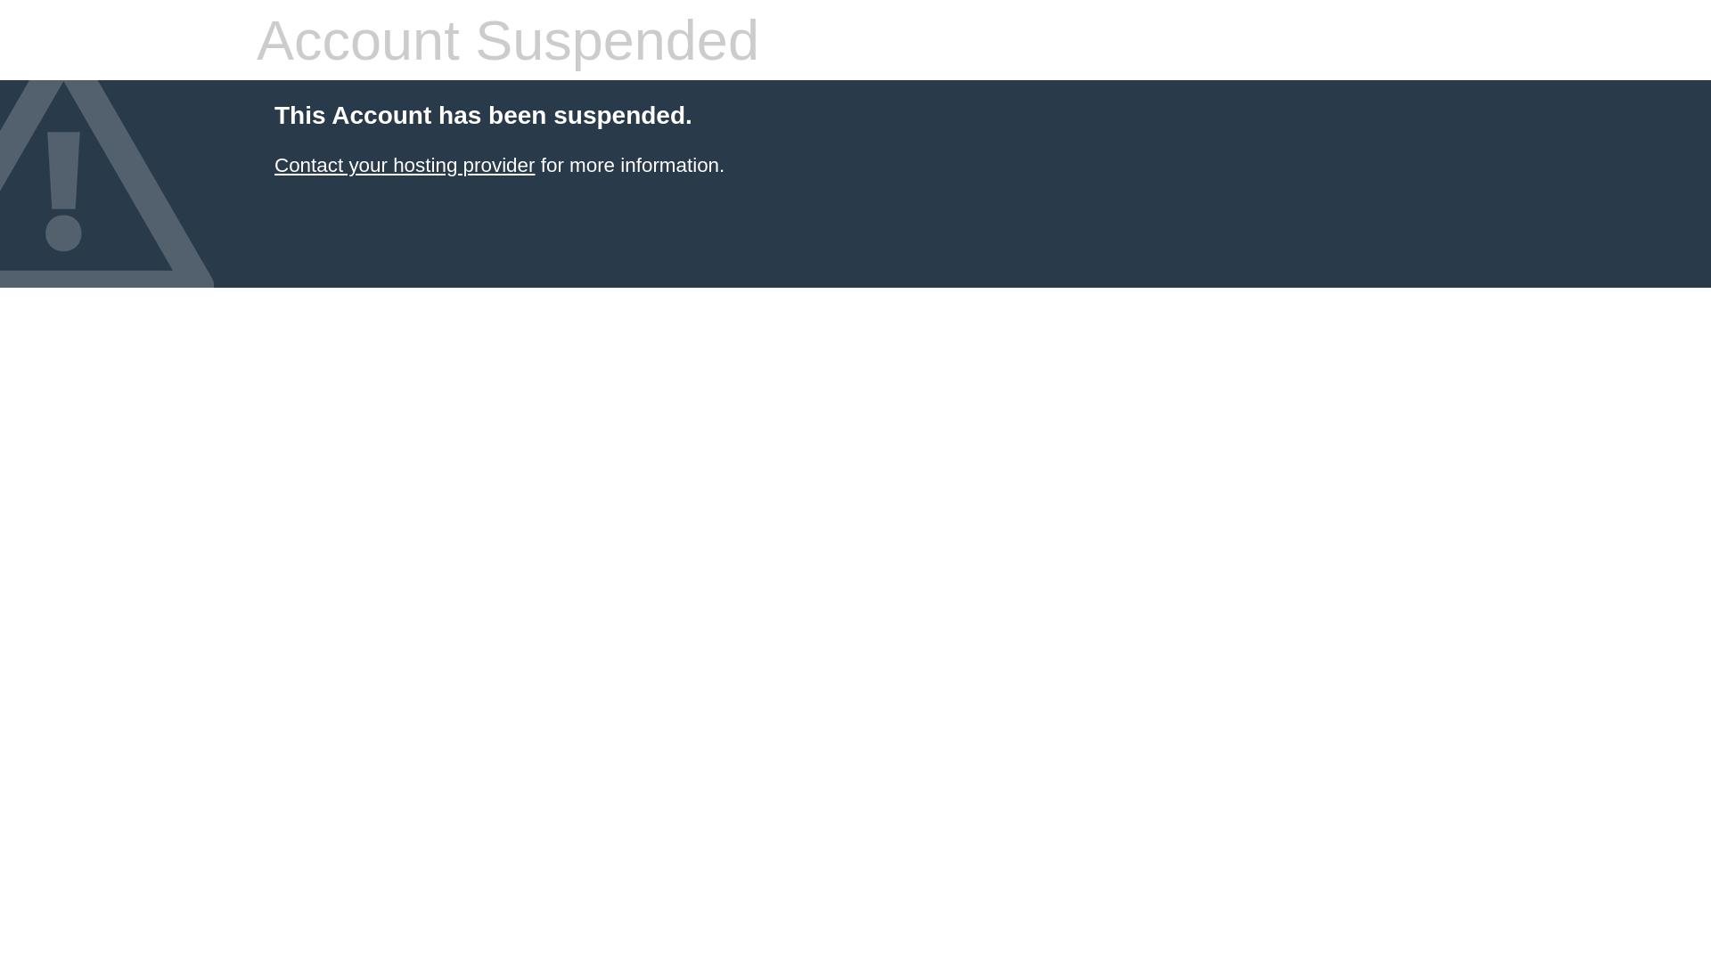 The image size is (1711, 962). Describe the element at coordinates (404, 165) in the screenshot. I see `'Contact your hosting provider'` at that location.